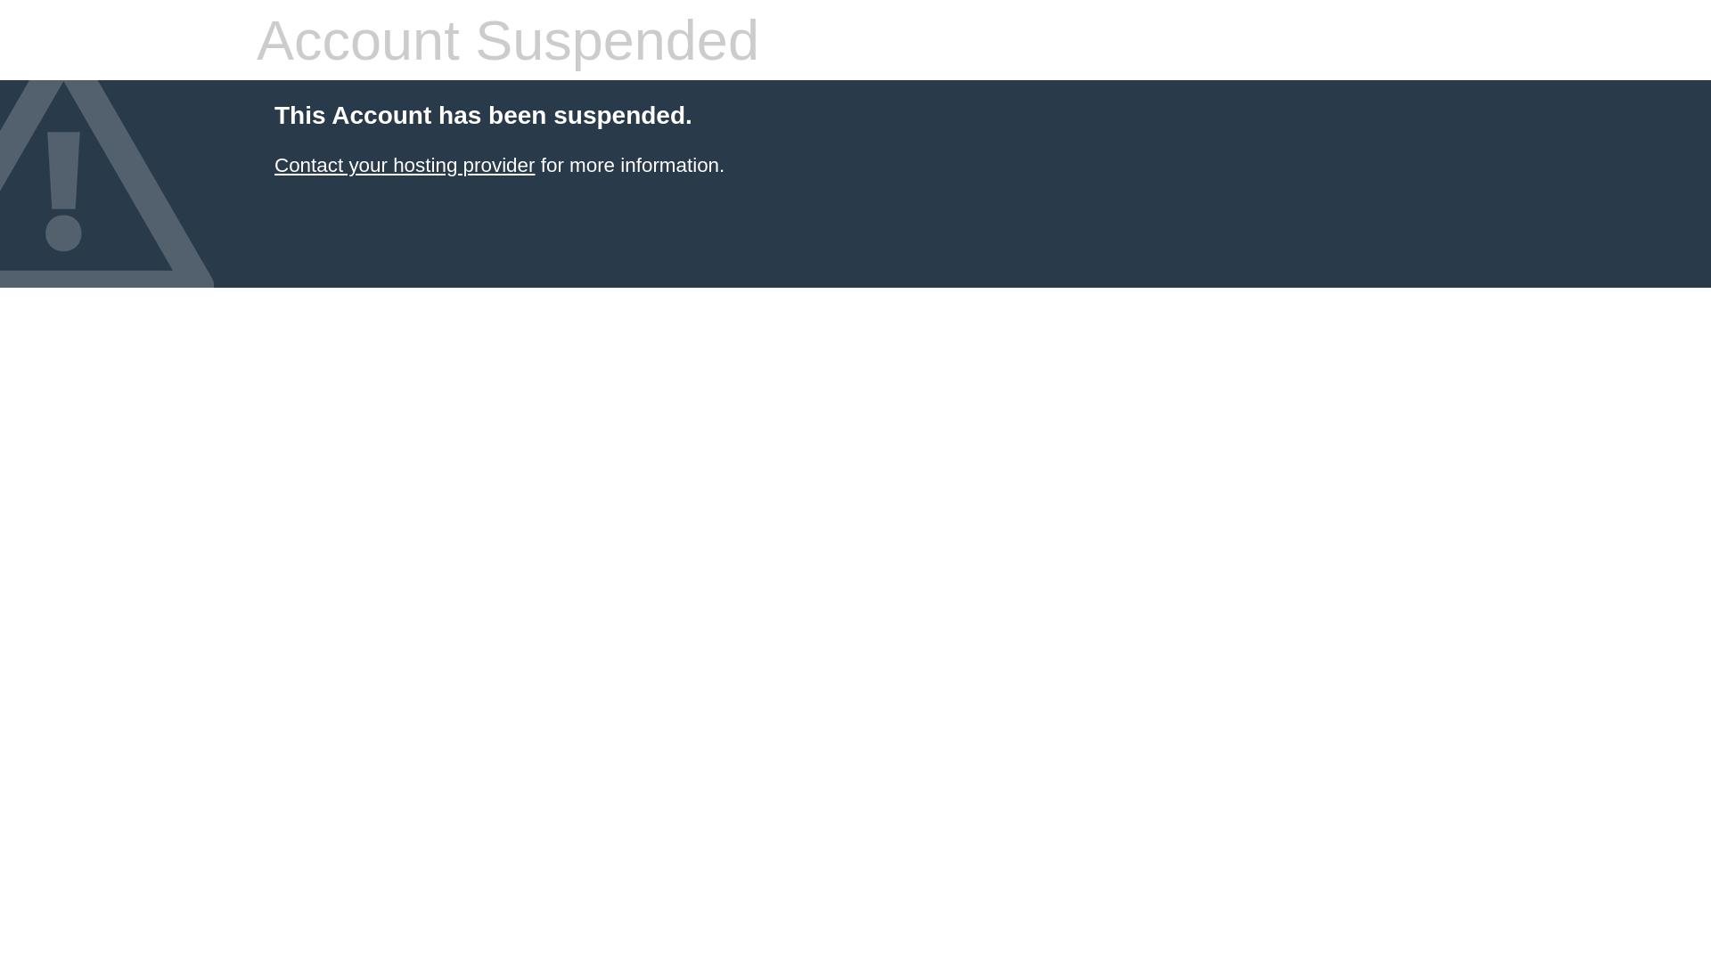 The image size is (1711, 962). Describe the element at coordinates (404, 165) in the screenshot. I see `'Contact your hosting provider'` at that location.